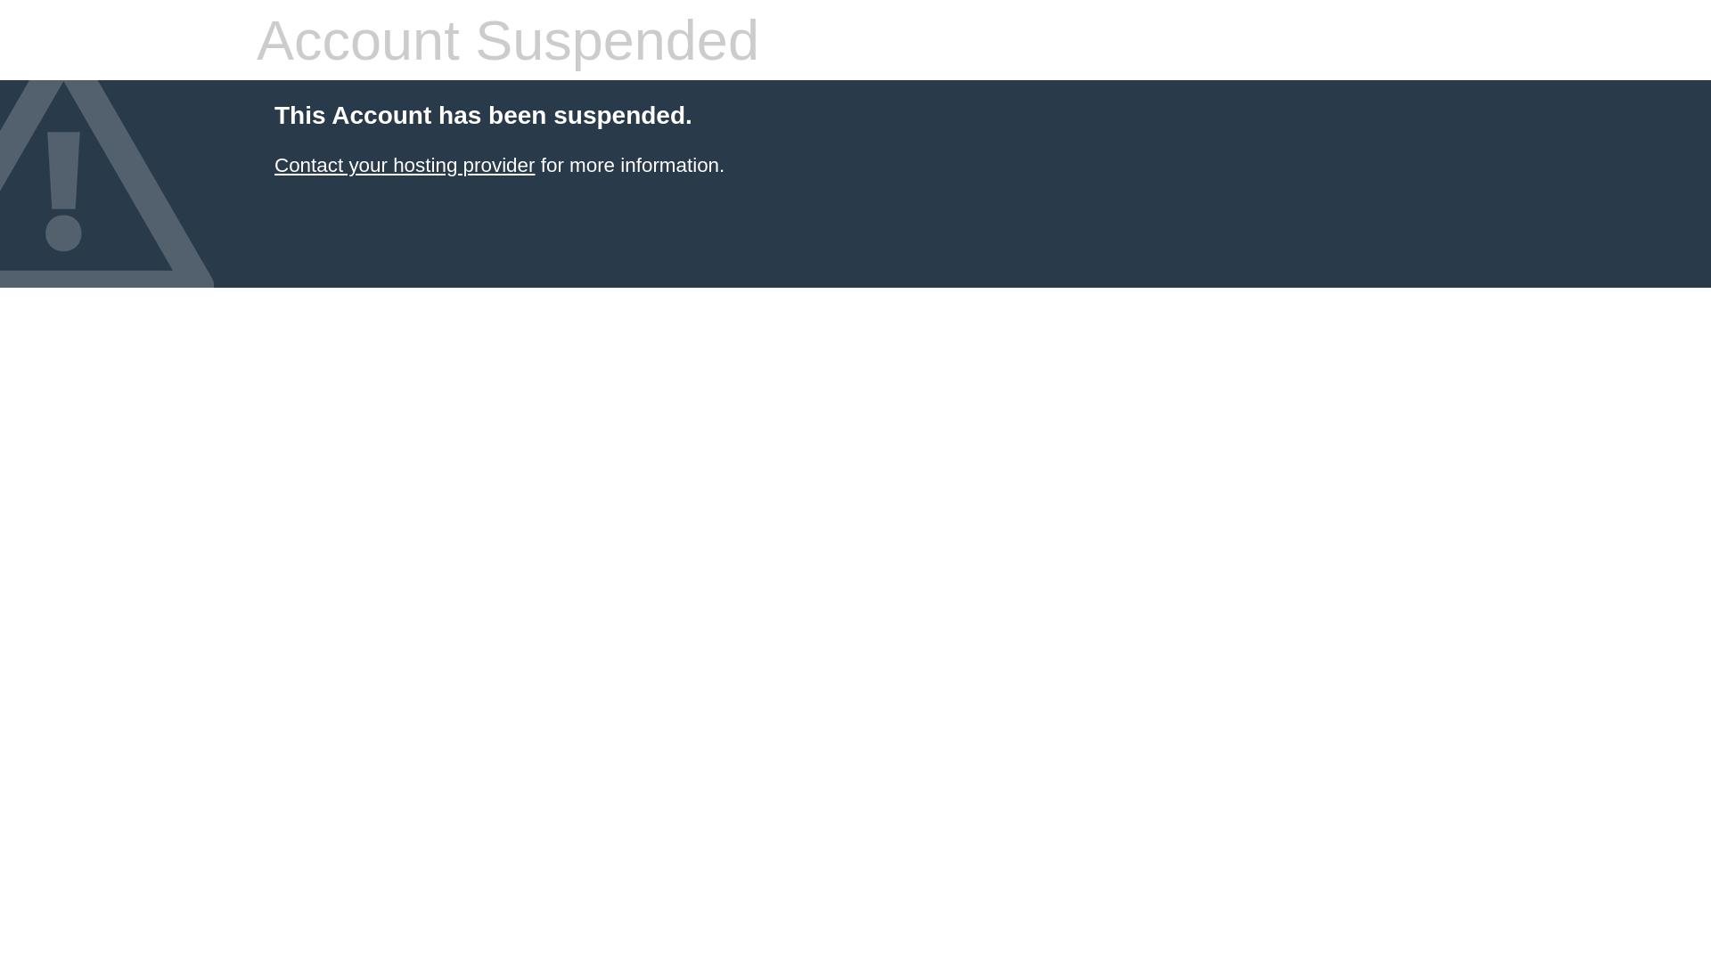 The image size is (1711, 962). Describe the element at coordinates (404, 165) in the screenshot. I see `'Contact your hosting provider'` at that location.